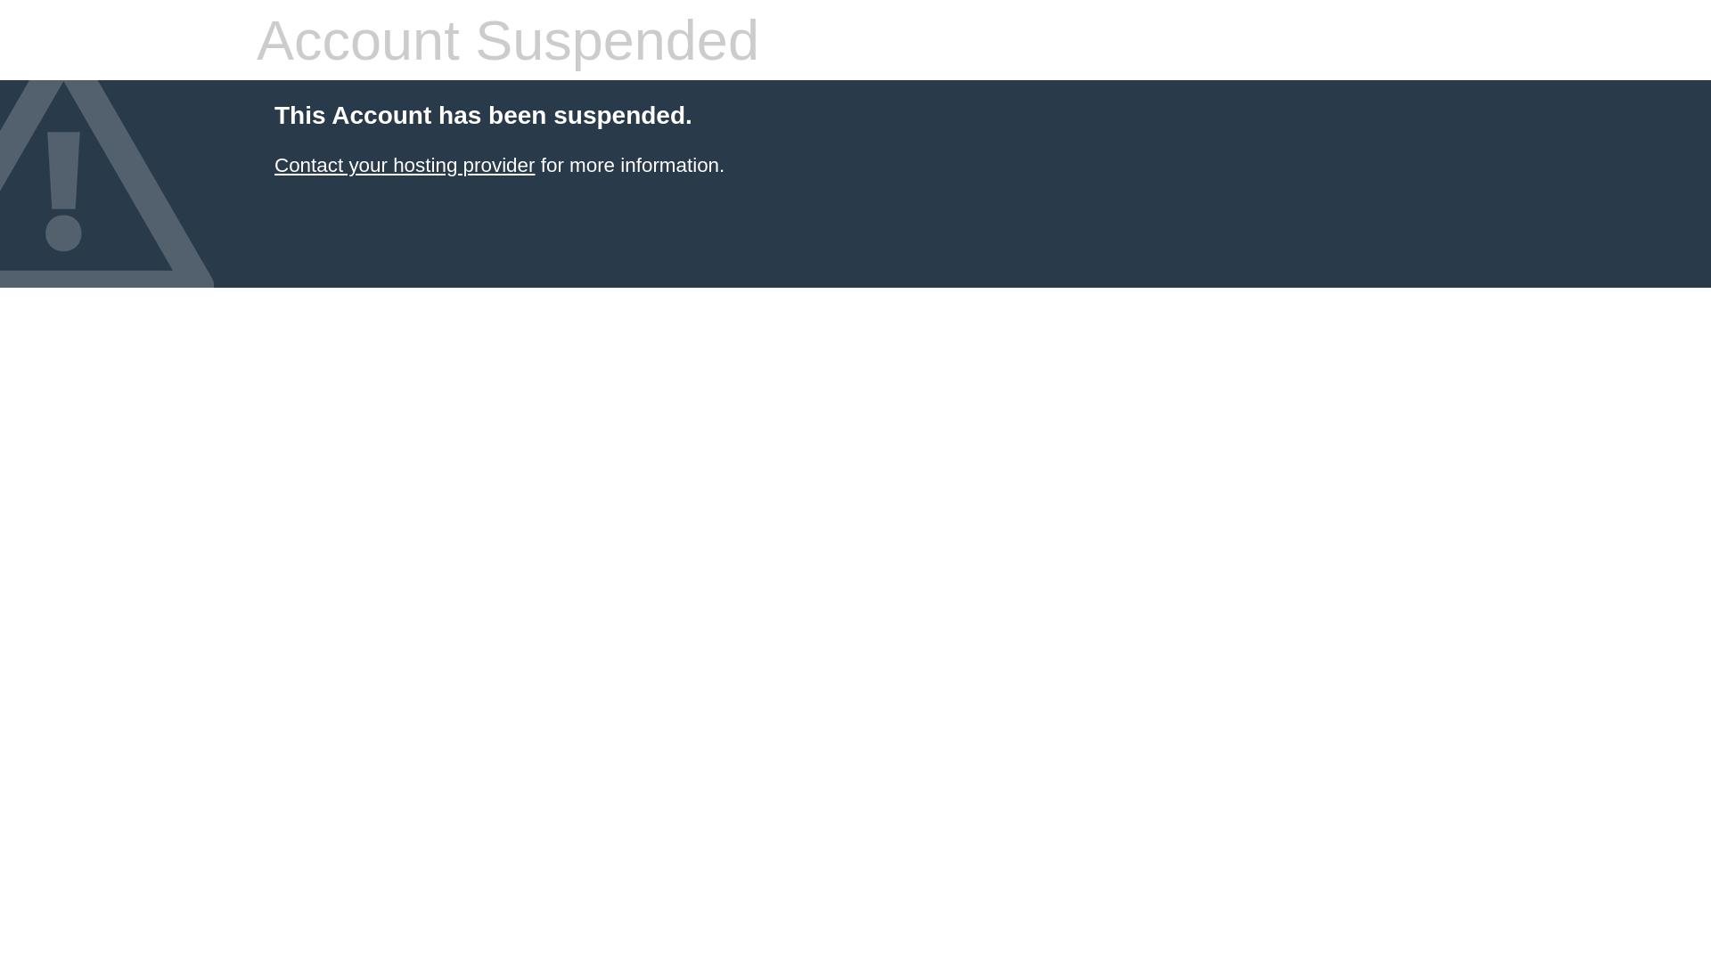 The image size is (1711, 962). Describe the element at coordinates (404, 165) in the screenshot. I see `'Contact your hosting provider'` at that location.